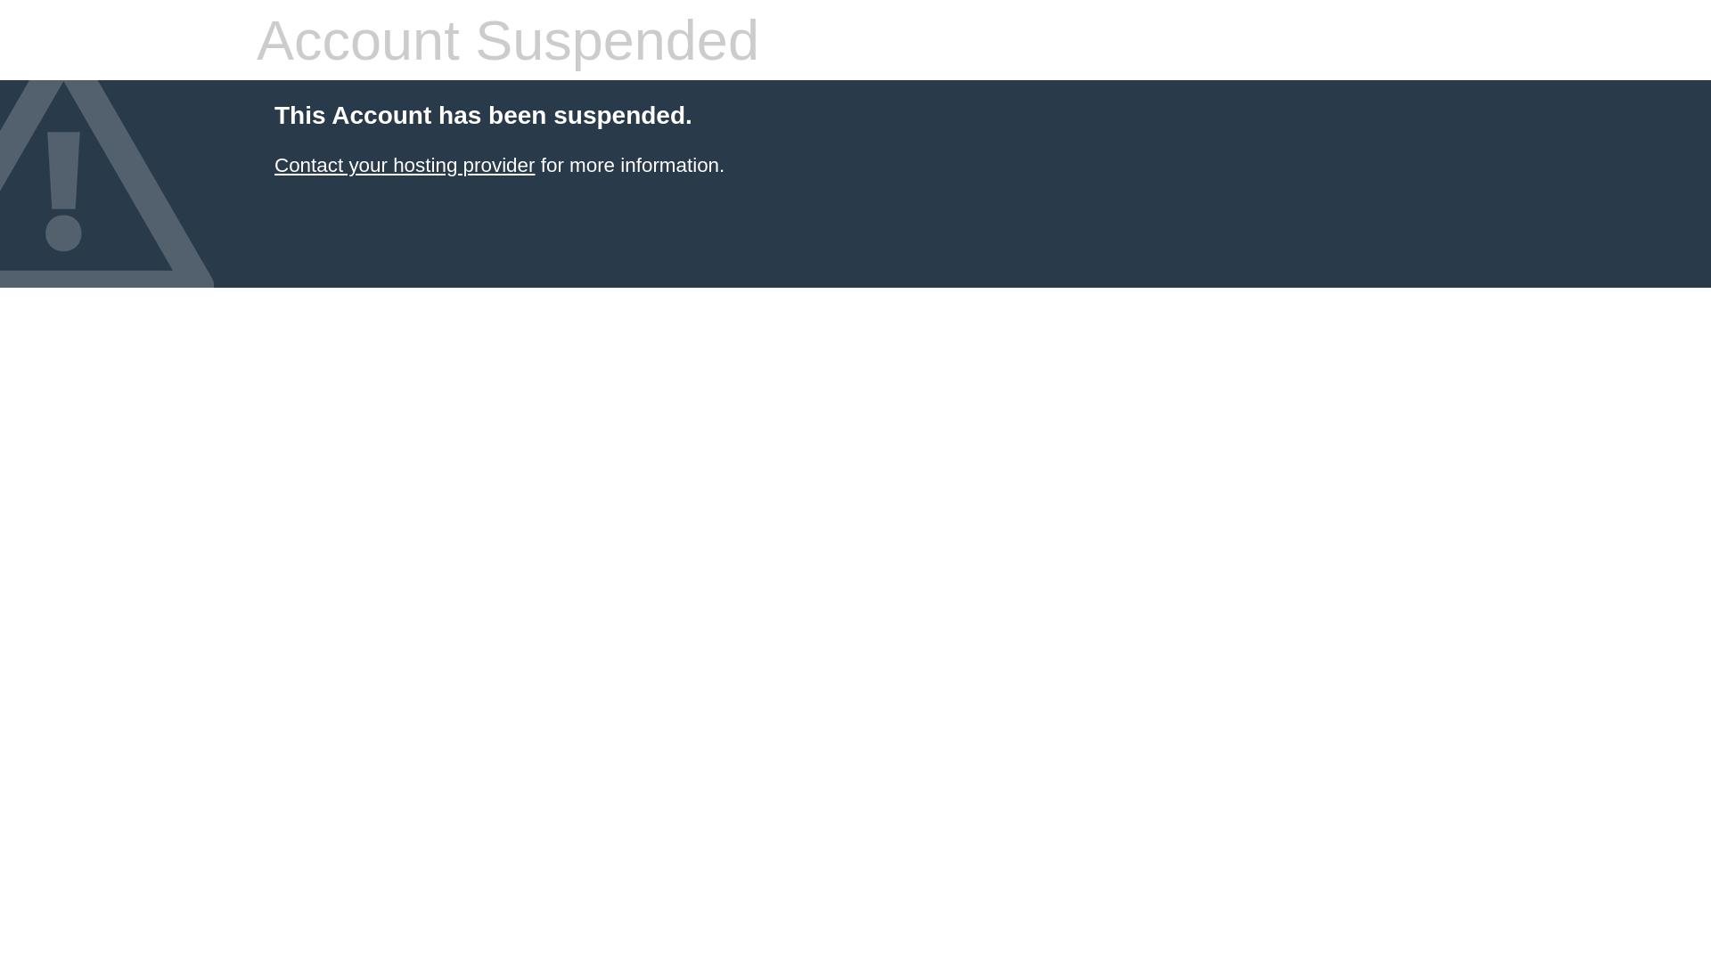 The image size is (1711, 962). Describe the element at coordinates (404, 165) in the screenshot. I see `'Contact your hosting provider'` at that location.